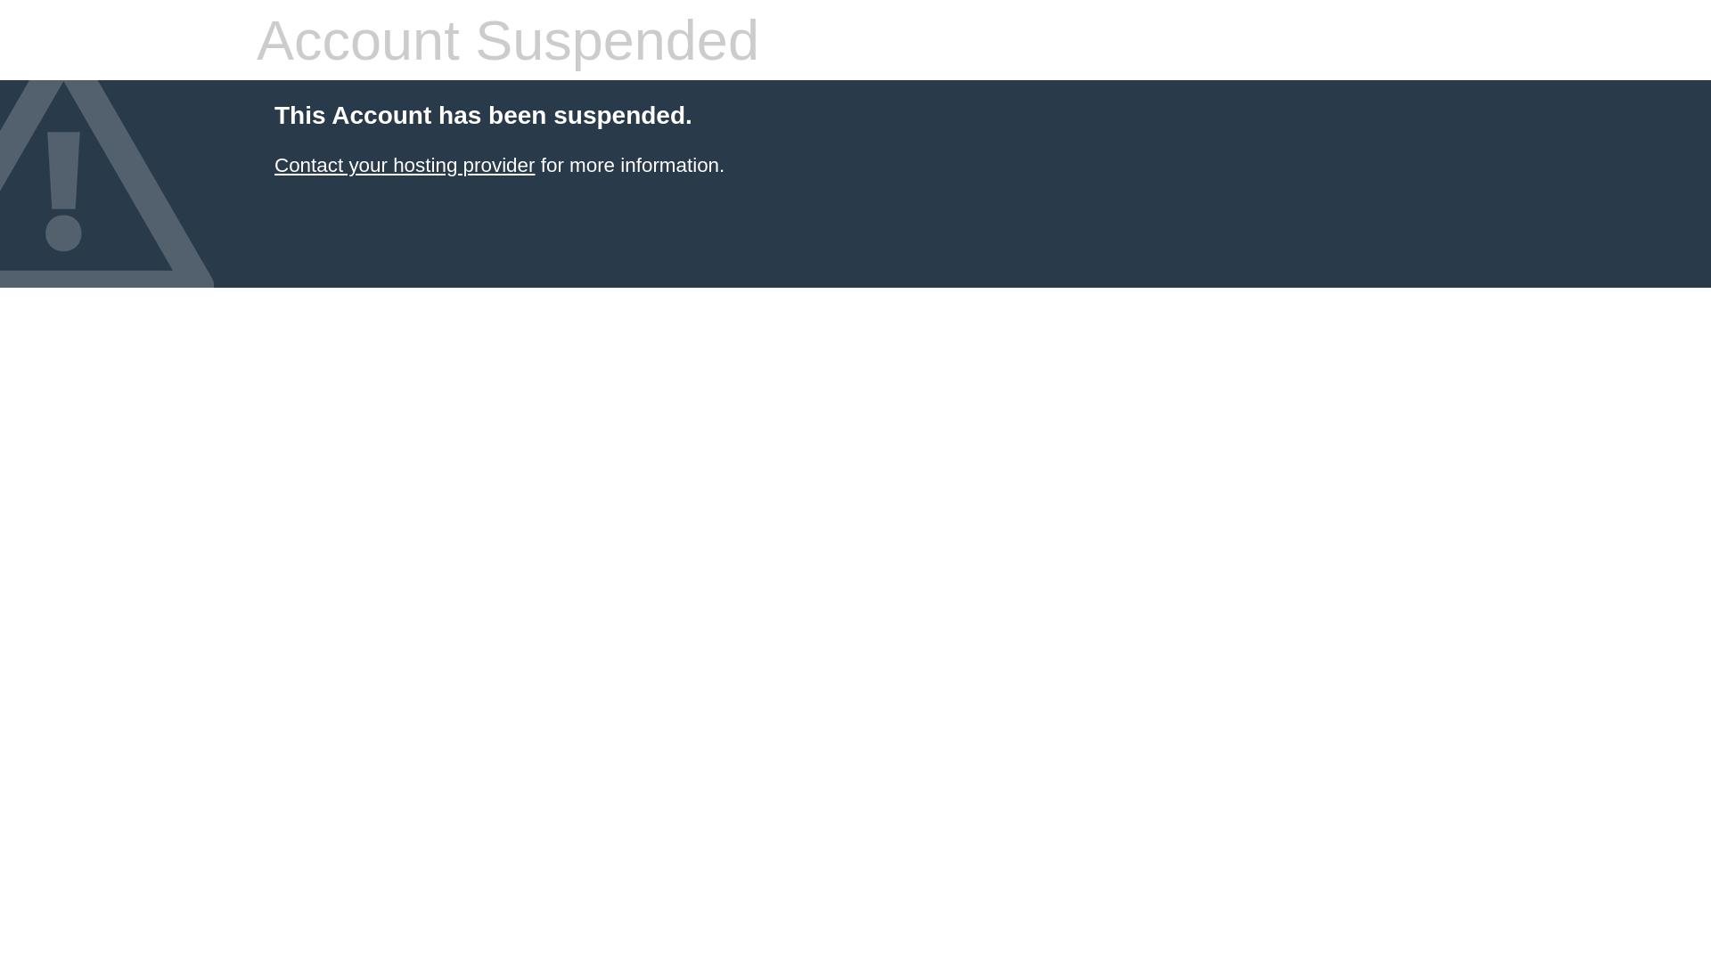 The image size is (1711, 962). Describe the element at coordinates (404, 165) in the screenshot. I see `'Contact your hosting provider'` at that location.